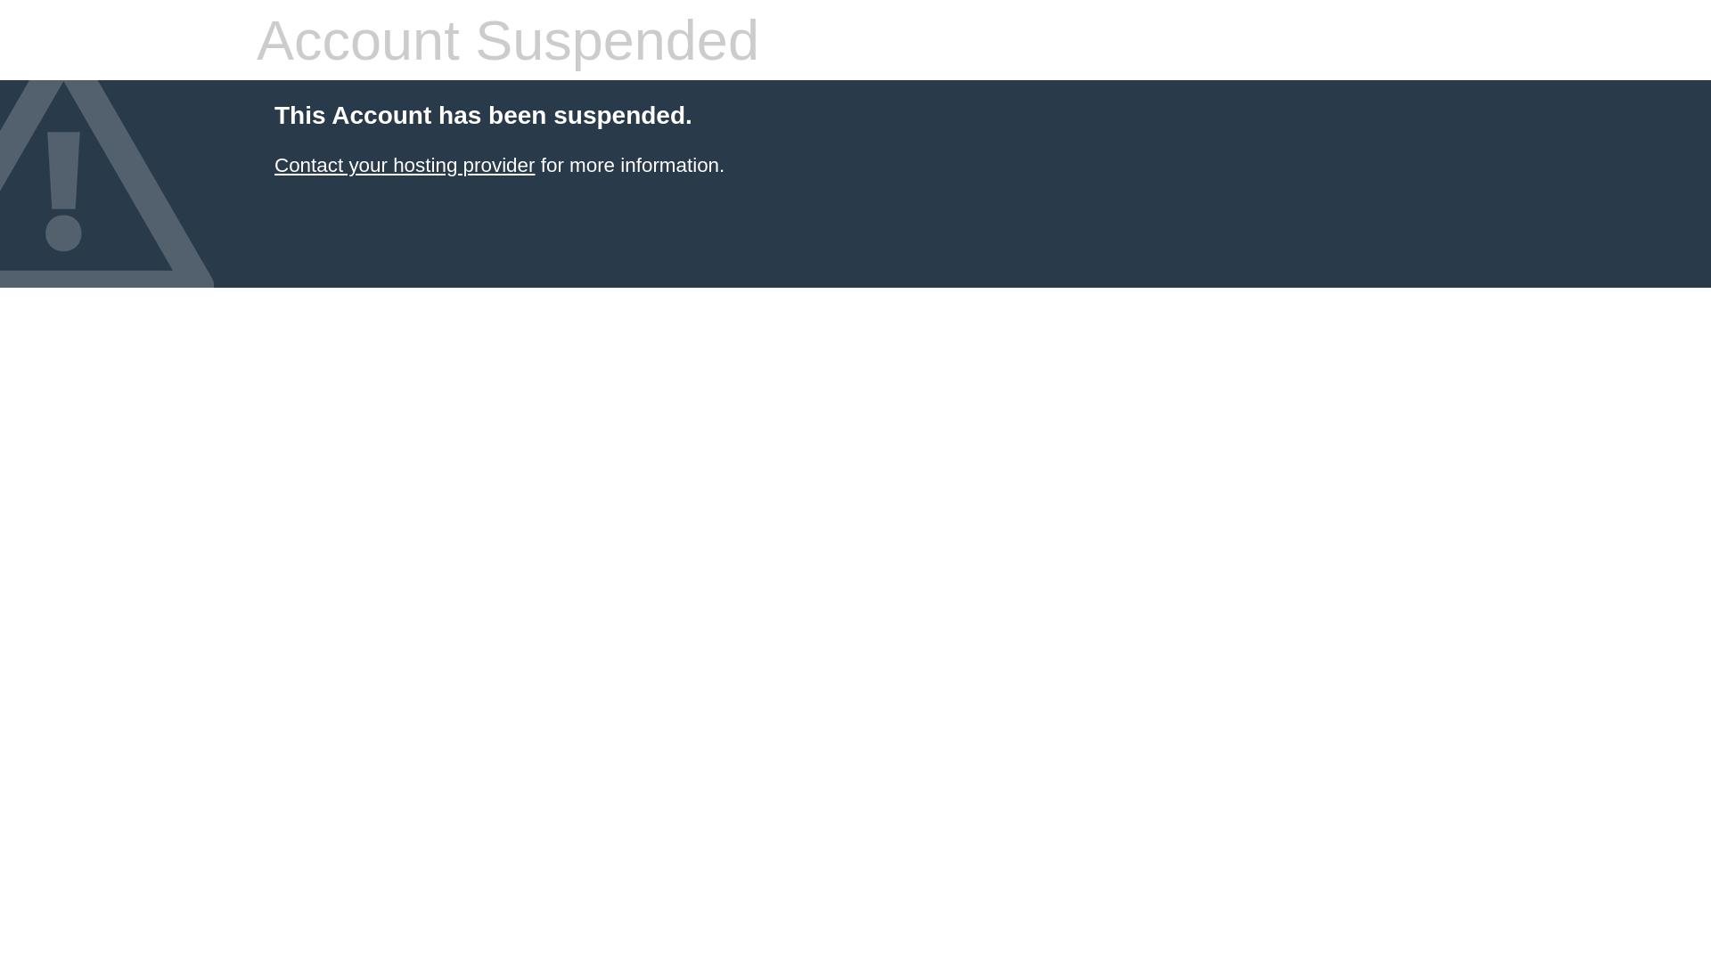 The image size is (1711, 962). Describe the element at coordinates (404, 165) in the screenshot. I see `'Contact your hosting provider'` at that location.